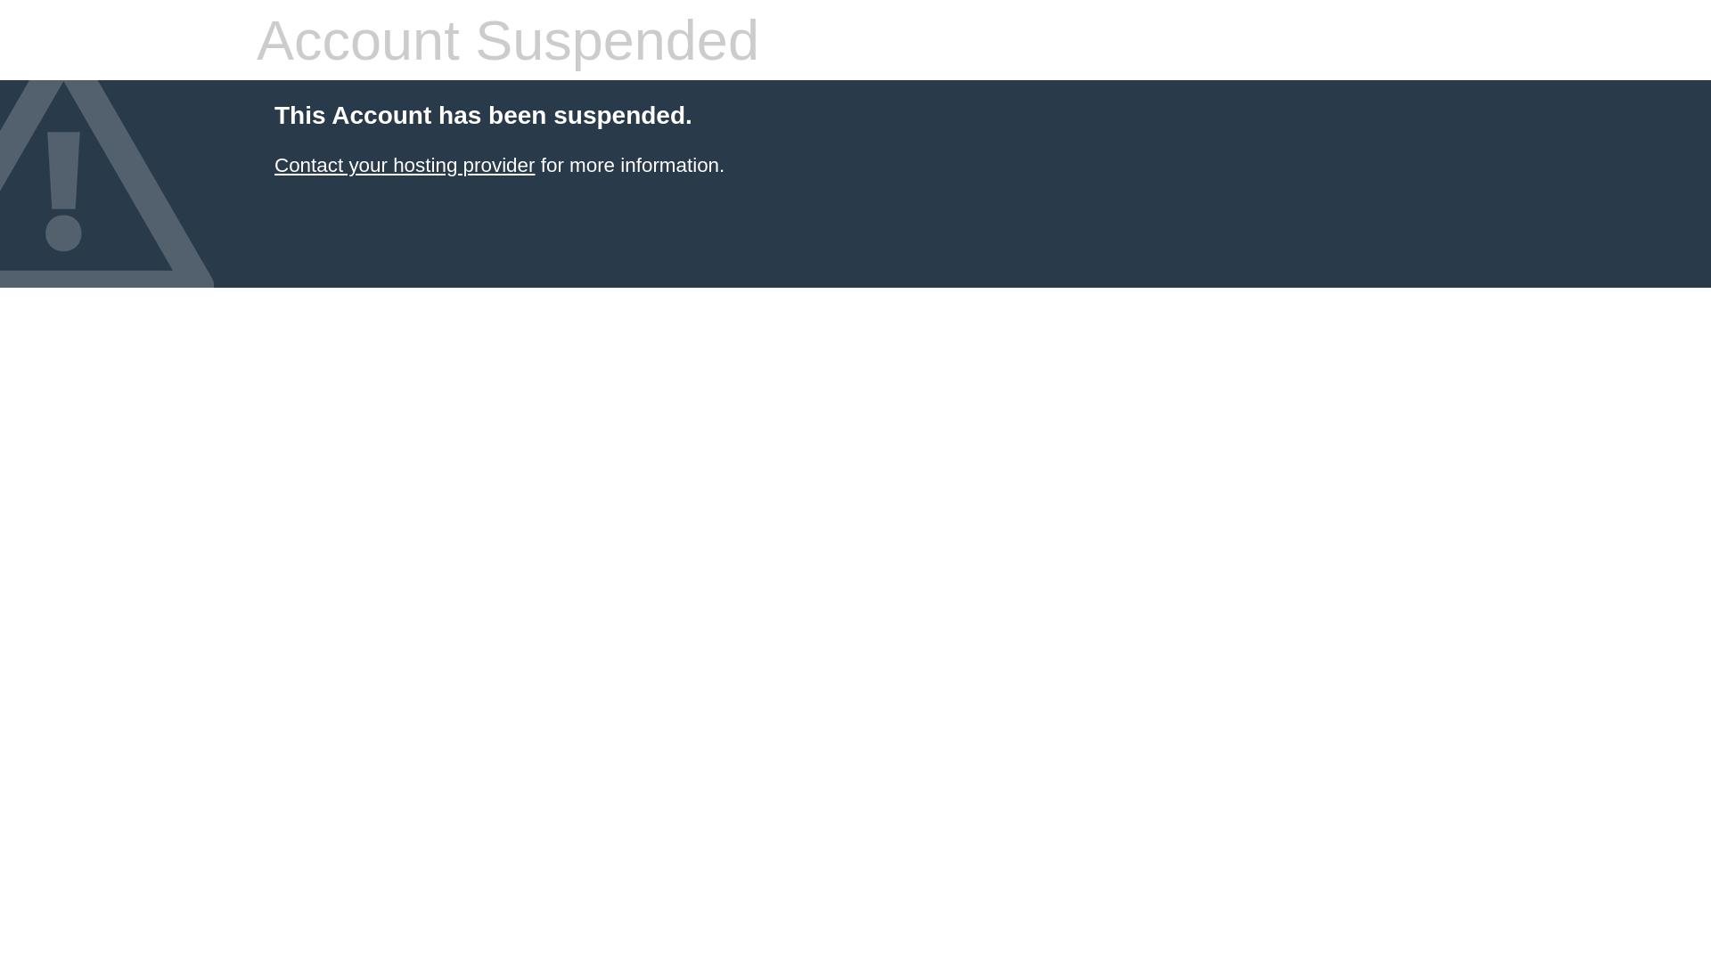 The image size is (1711, 962). Describe the element at coordinates (404, 165) in the screenshot. I see `'Contact your hosting provider'` at that location.